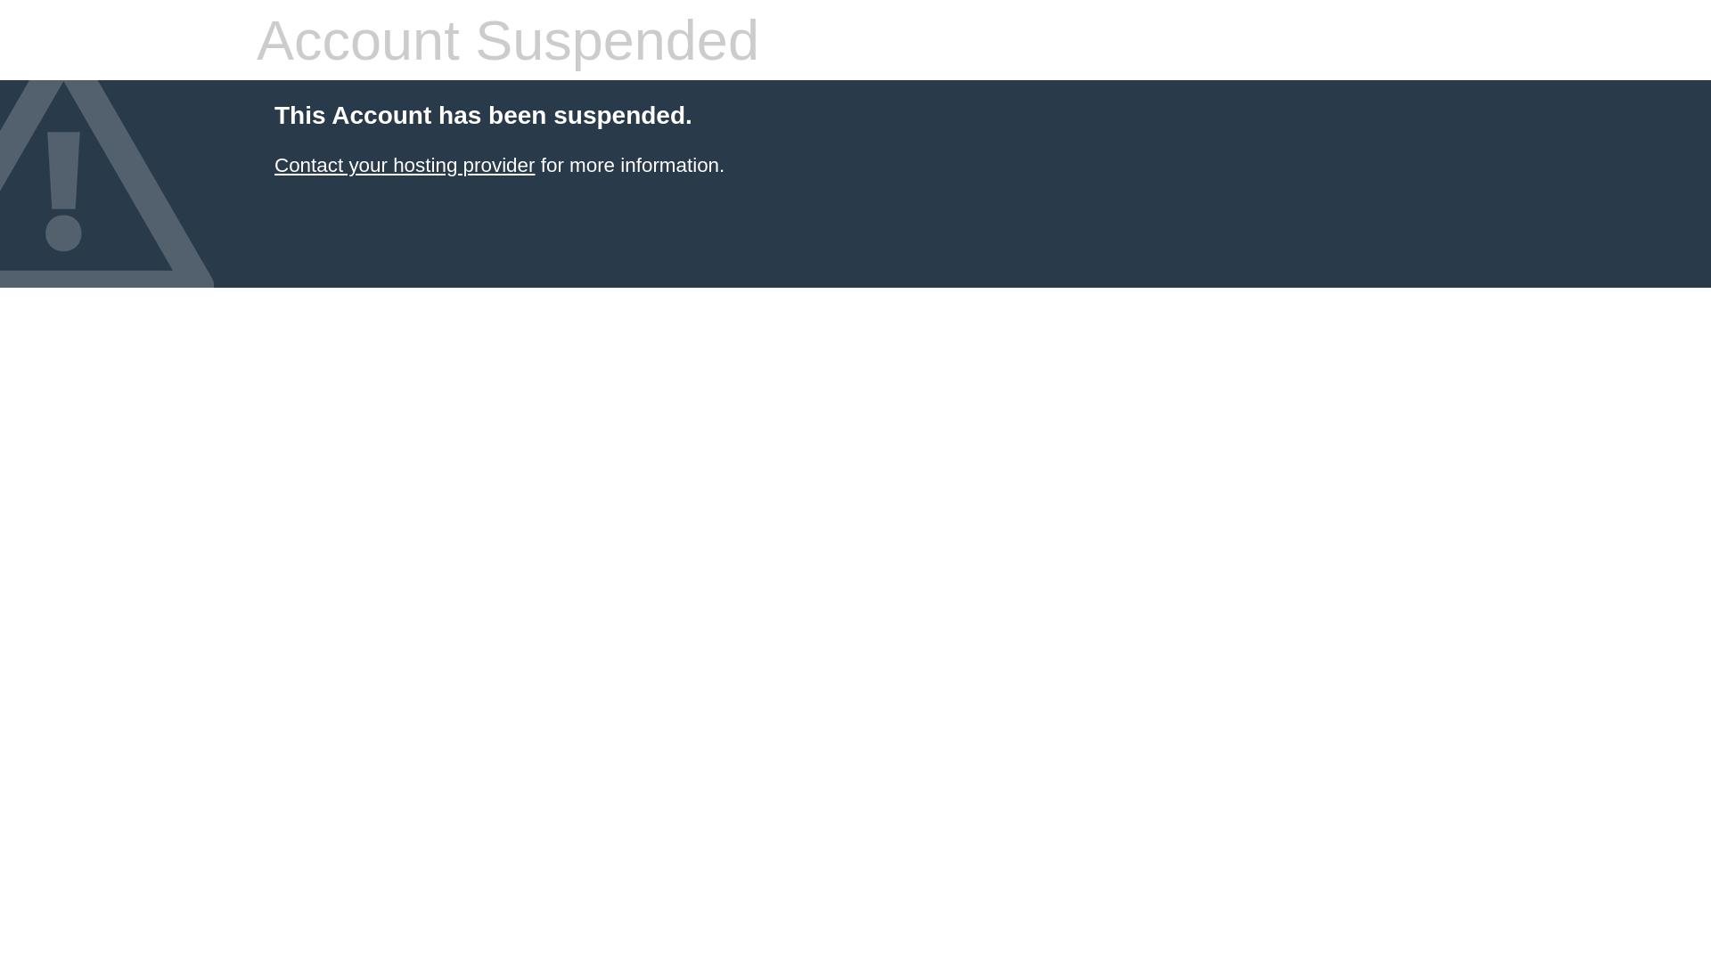 The image size is (1711, 962). Describe the element at coordinates (404, 165) in the screenshot. I see `'Contact your hosting provider'` at that location.